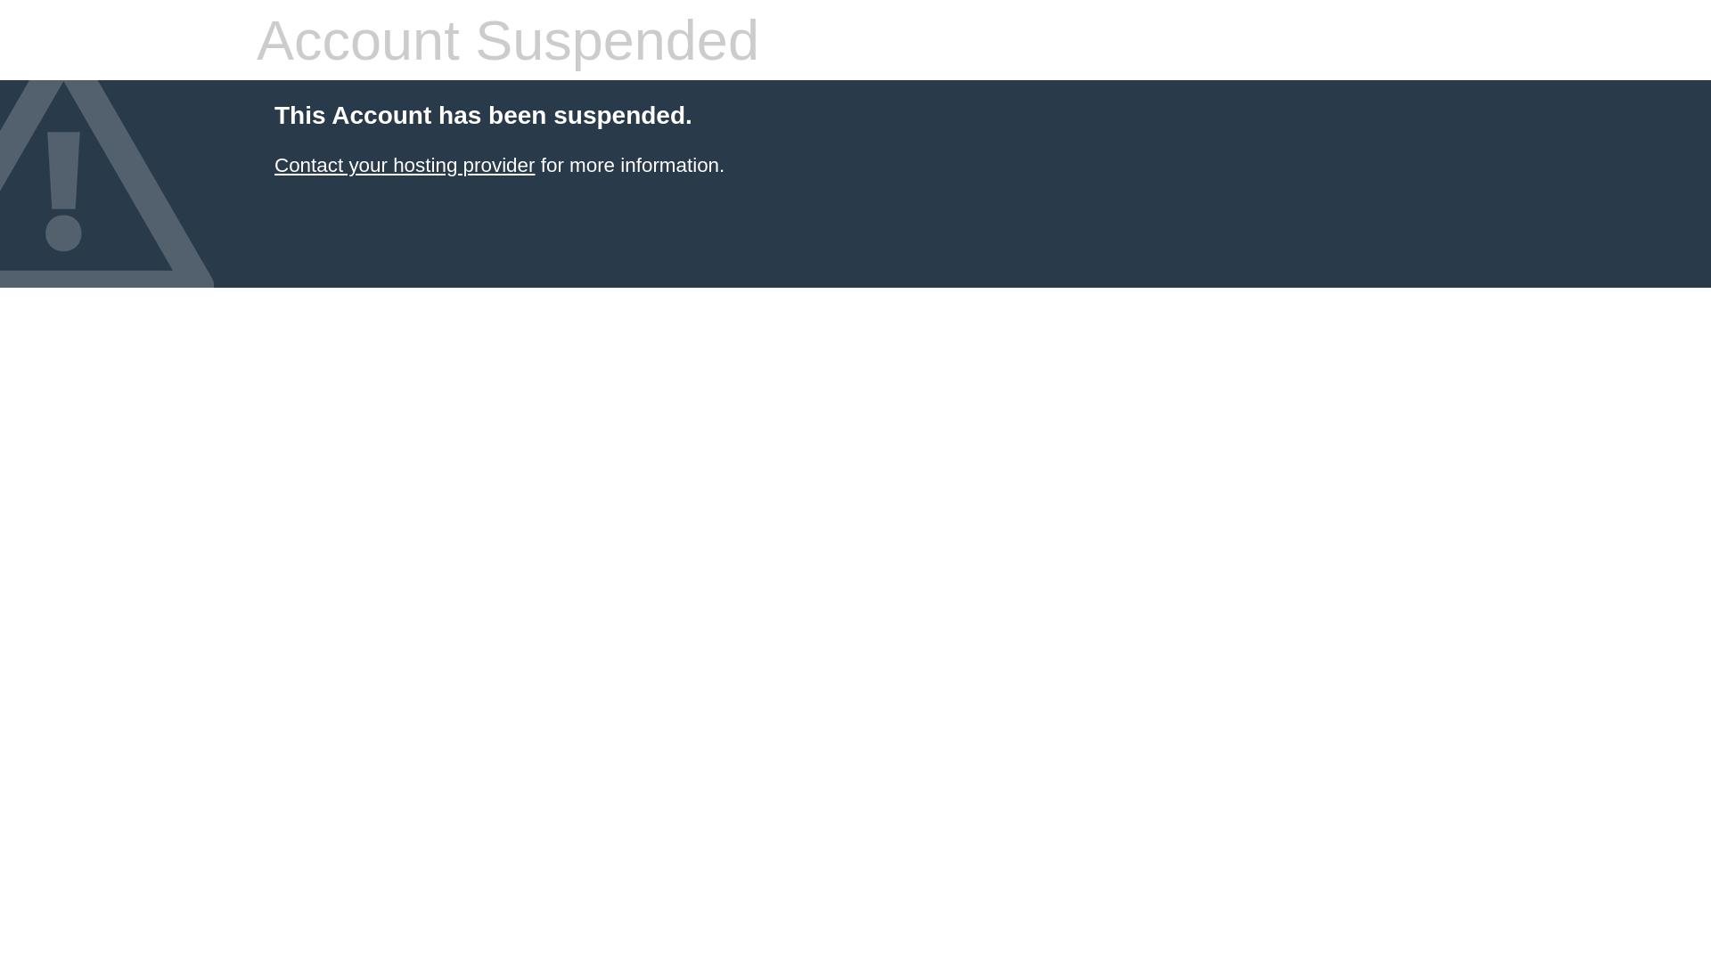 The image size is (1711, 962). Describe the element at coordinates (404, 165) in the screenshot. I see `'Contact your hosting provider'` at that location.